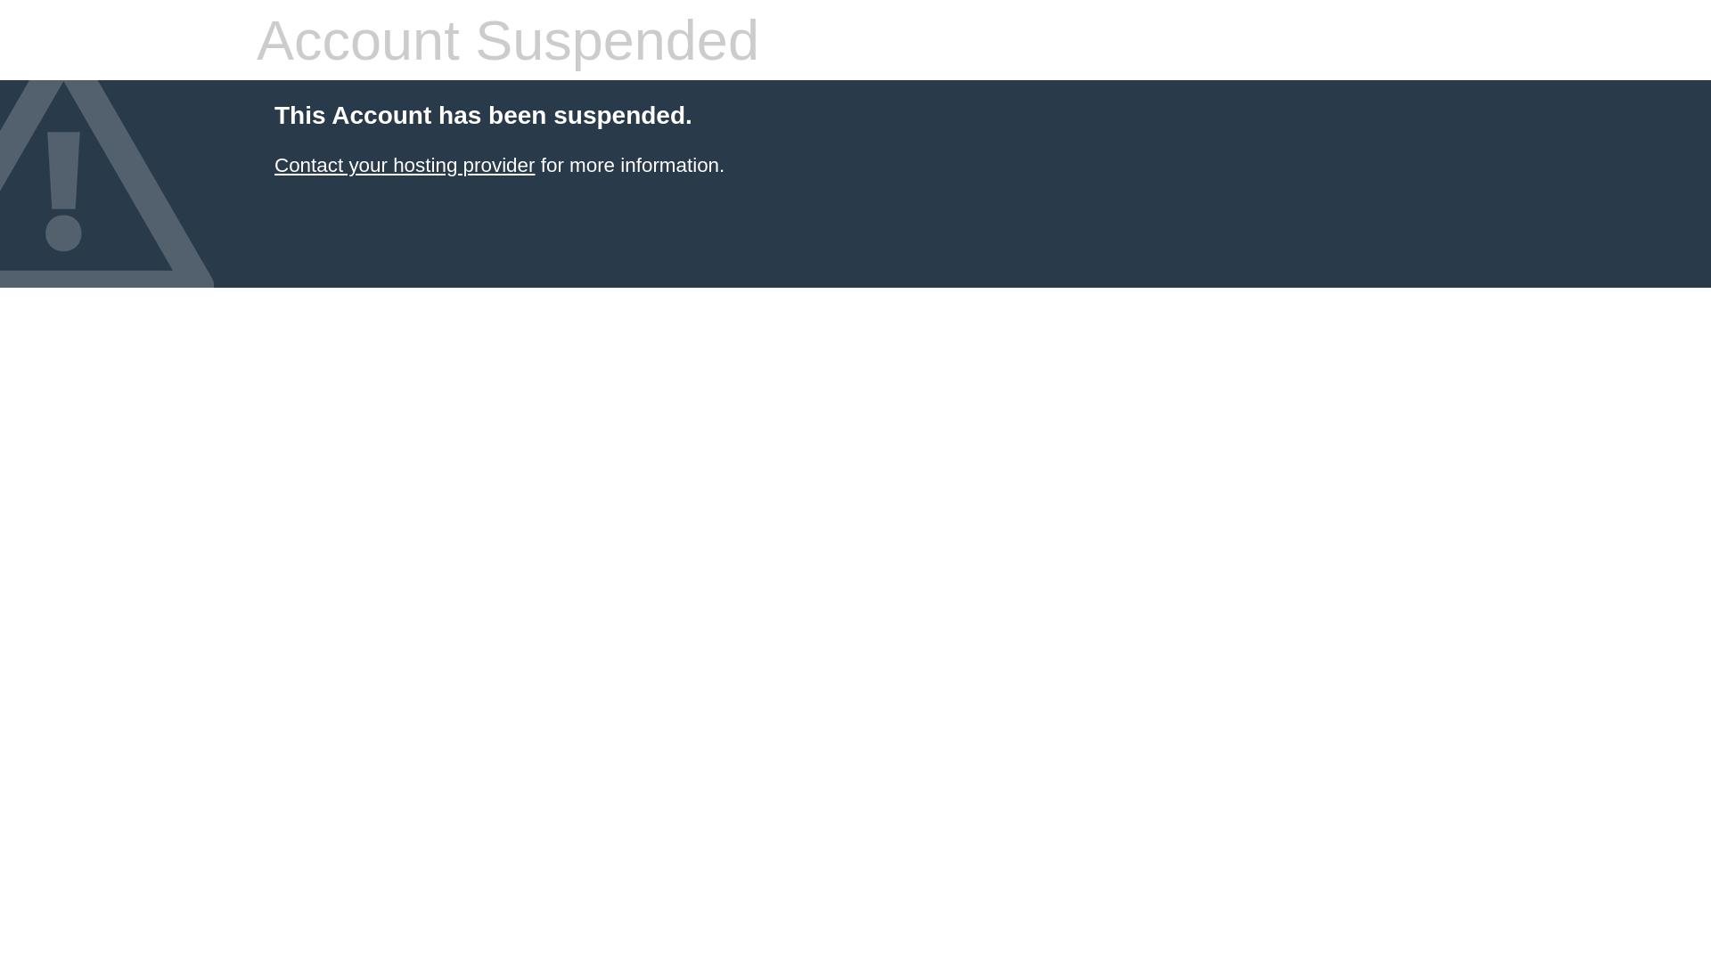 The image size is (1711, 962). Describe the element at coordinates (404, 165) in the screenshot. I see `'Contact your hosting provider'` at that location.